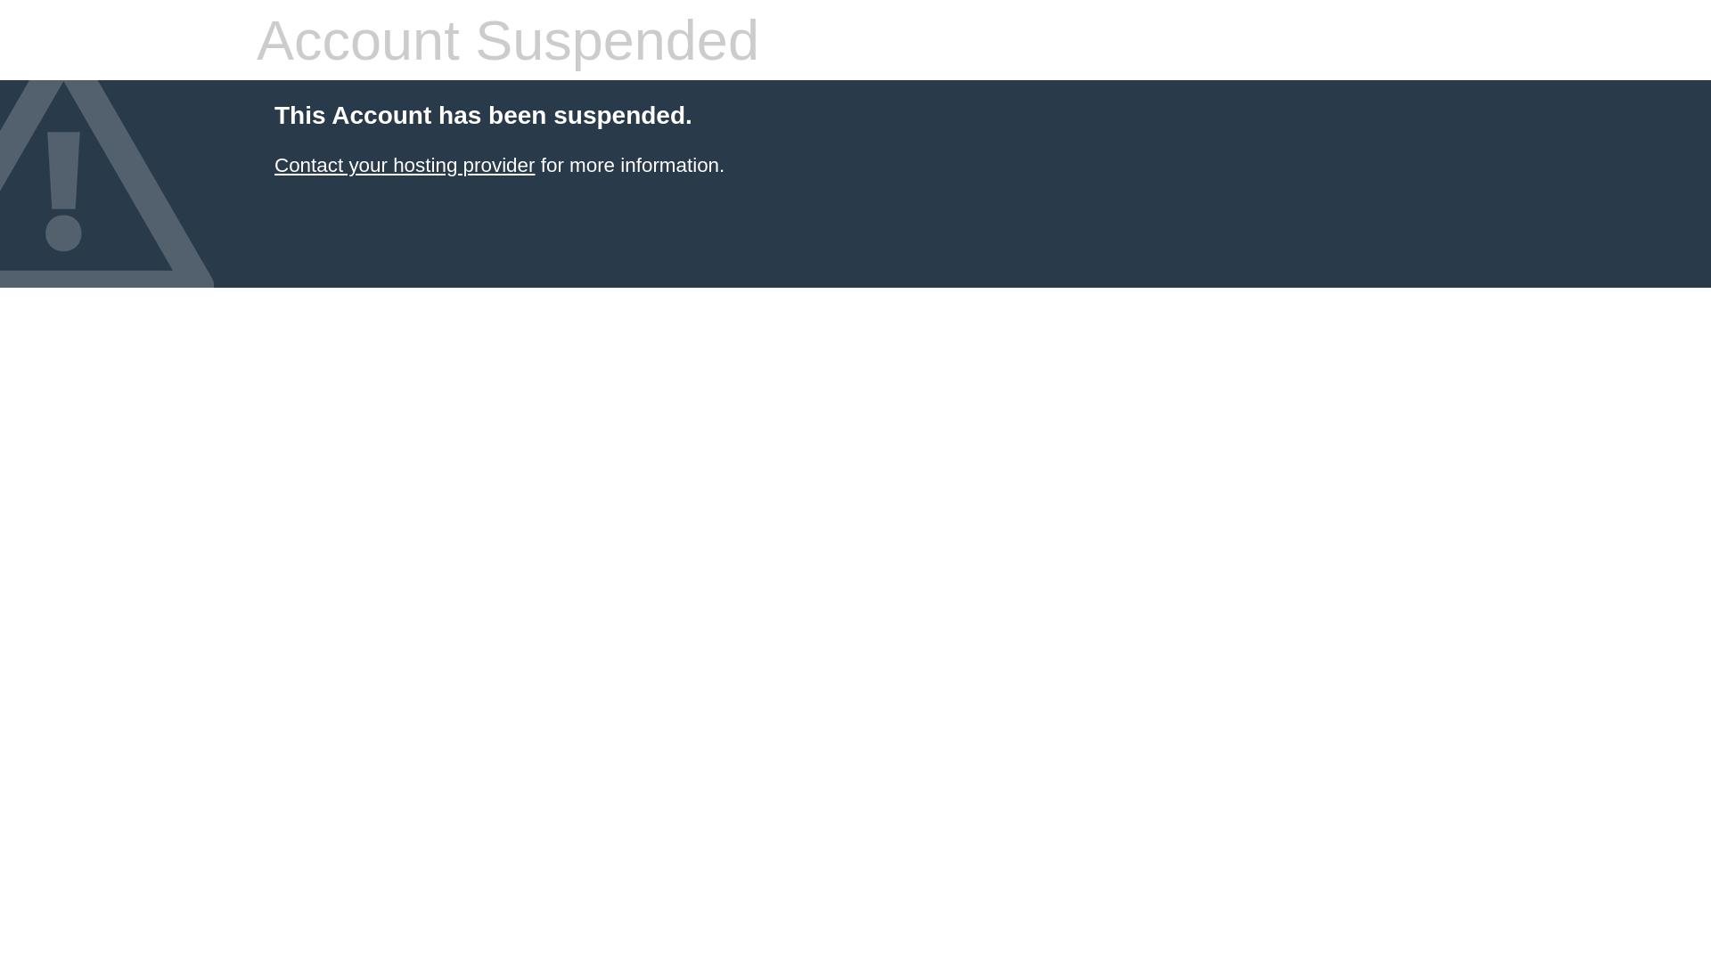 The image size is (1711, 962). Describe the element at coordinates (404, 165) in the screenshot. I see `'Contact your hosting provider'` at that location.